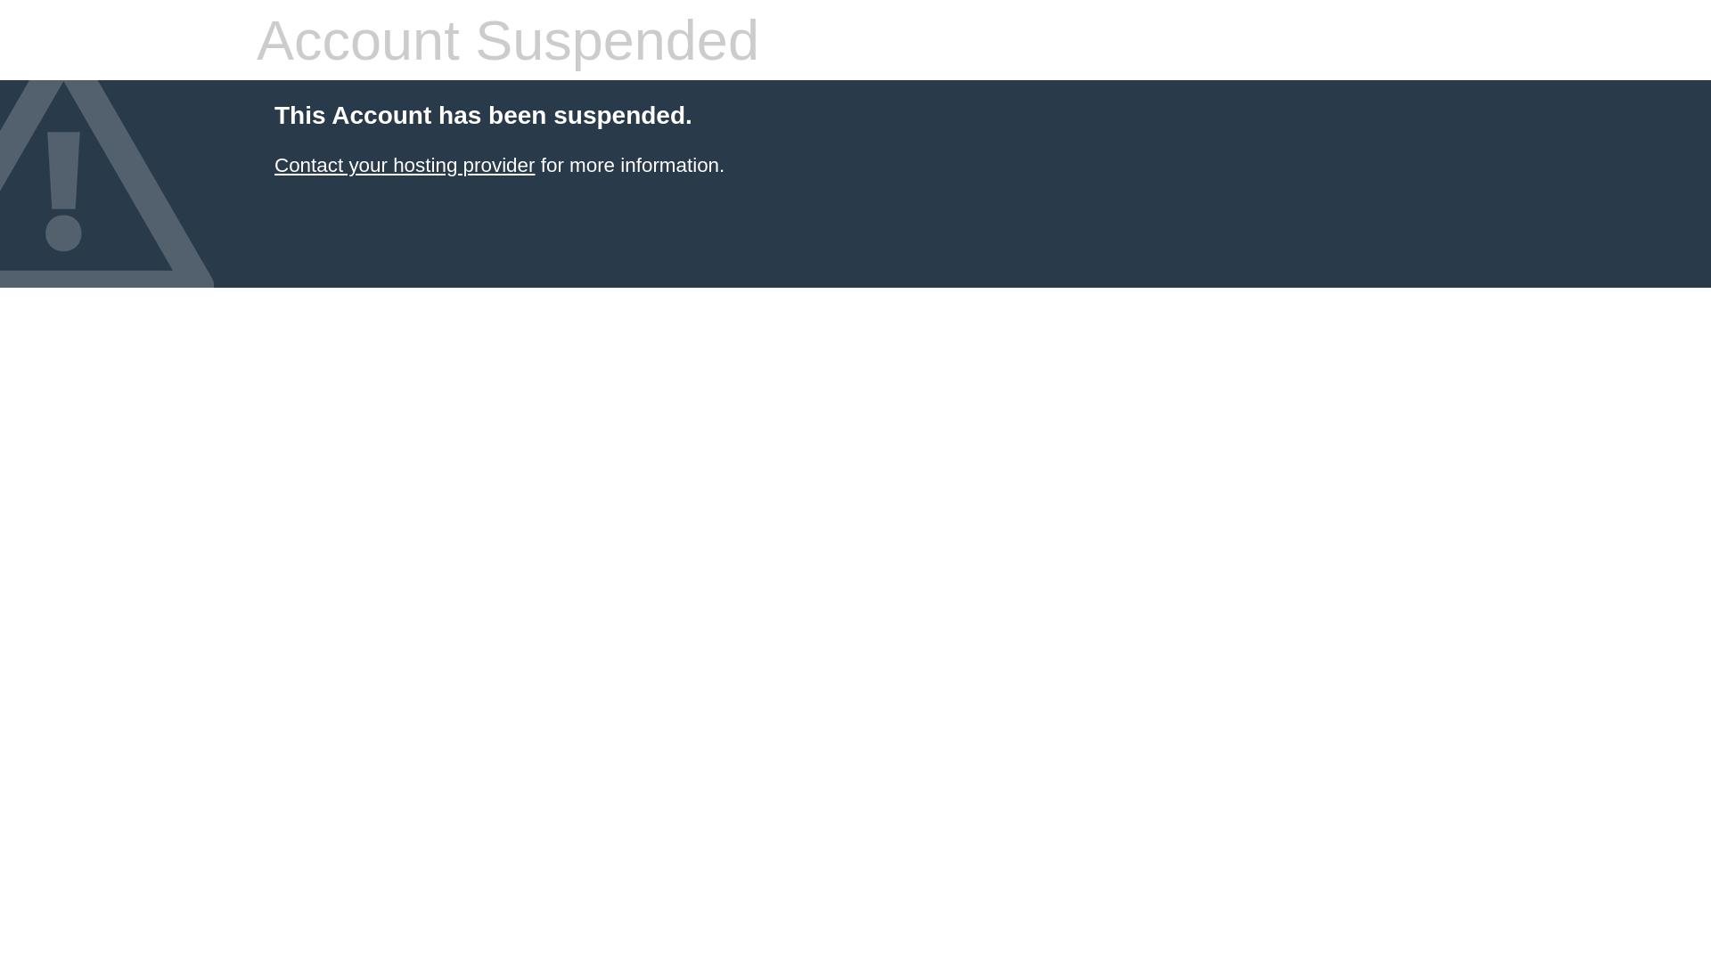 The image size is (1711, 962). Describe the element at coordinates (404, 165) in the screenshot. I see `'Contact your hosting provider'` at that location.